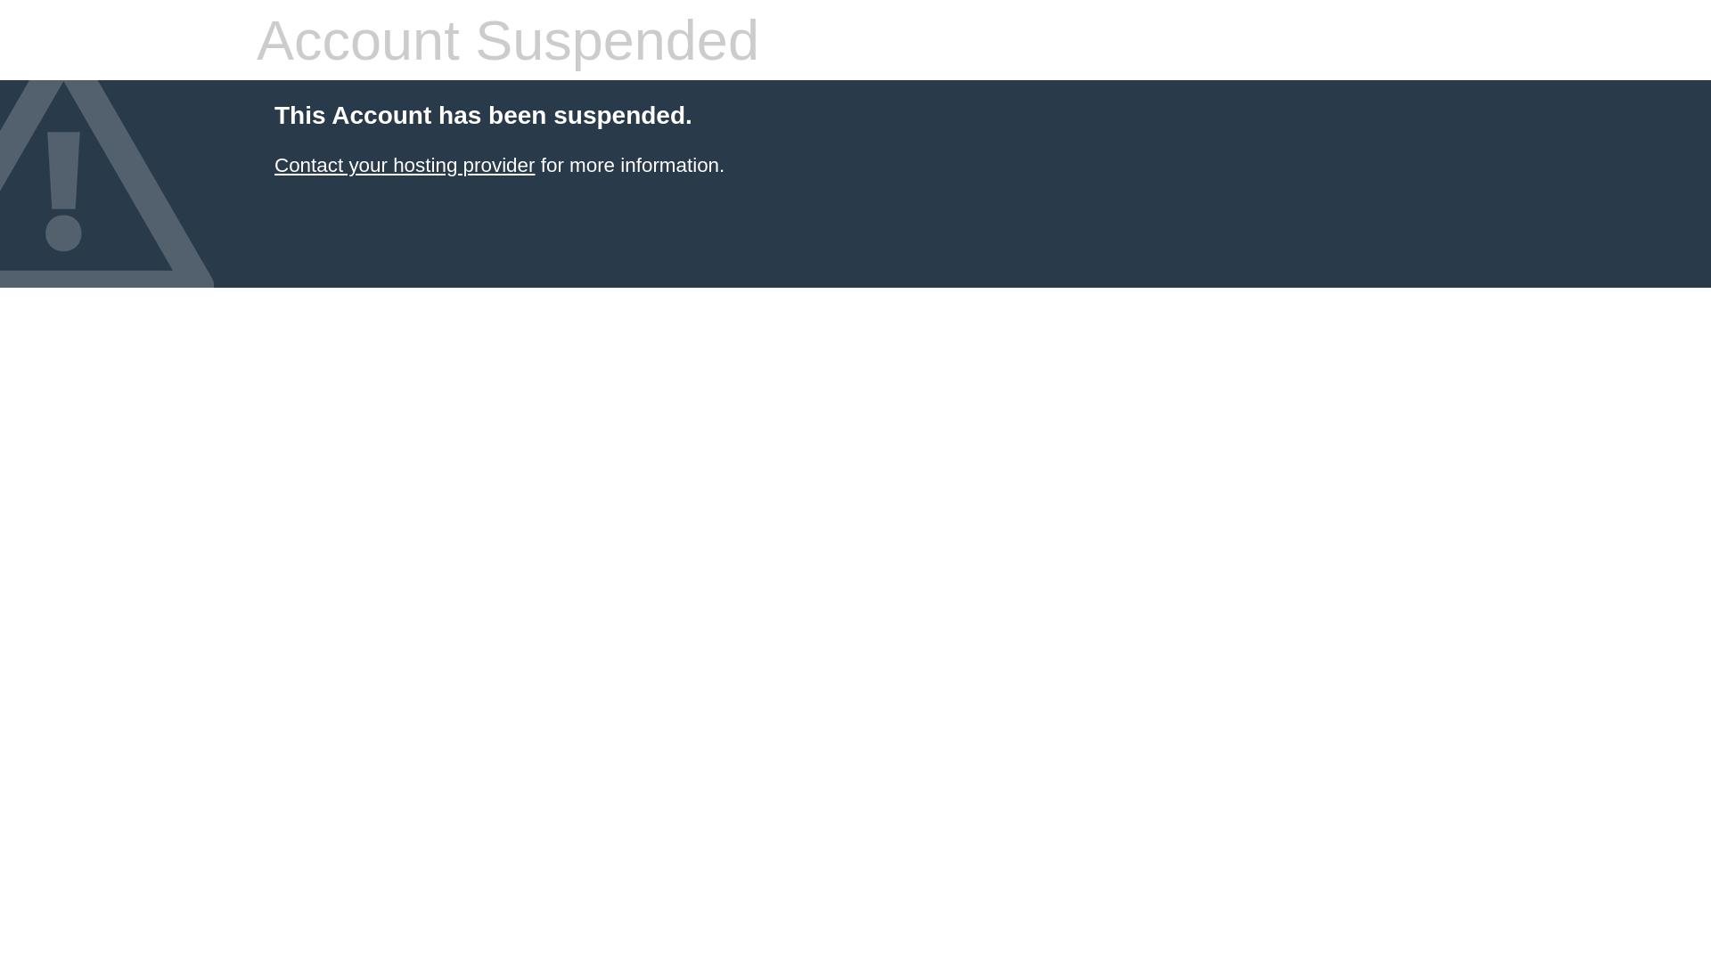 The image size is (1711, 962). Describe the element at coordinates (404, 165) in the screenshot. I see `'Contact your hosting provider'` at that location.